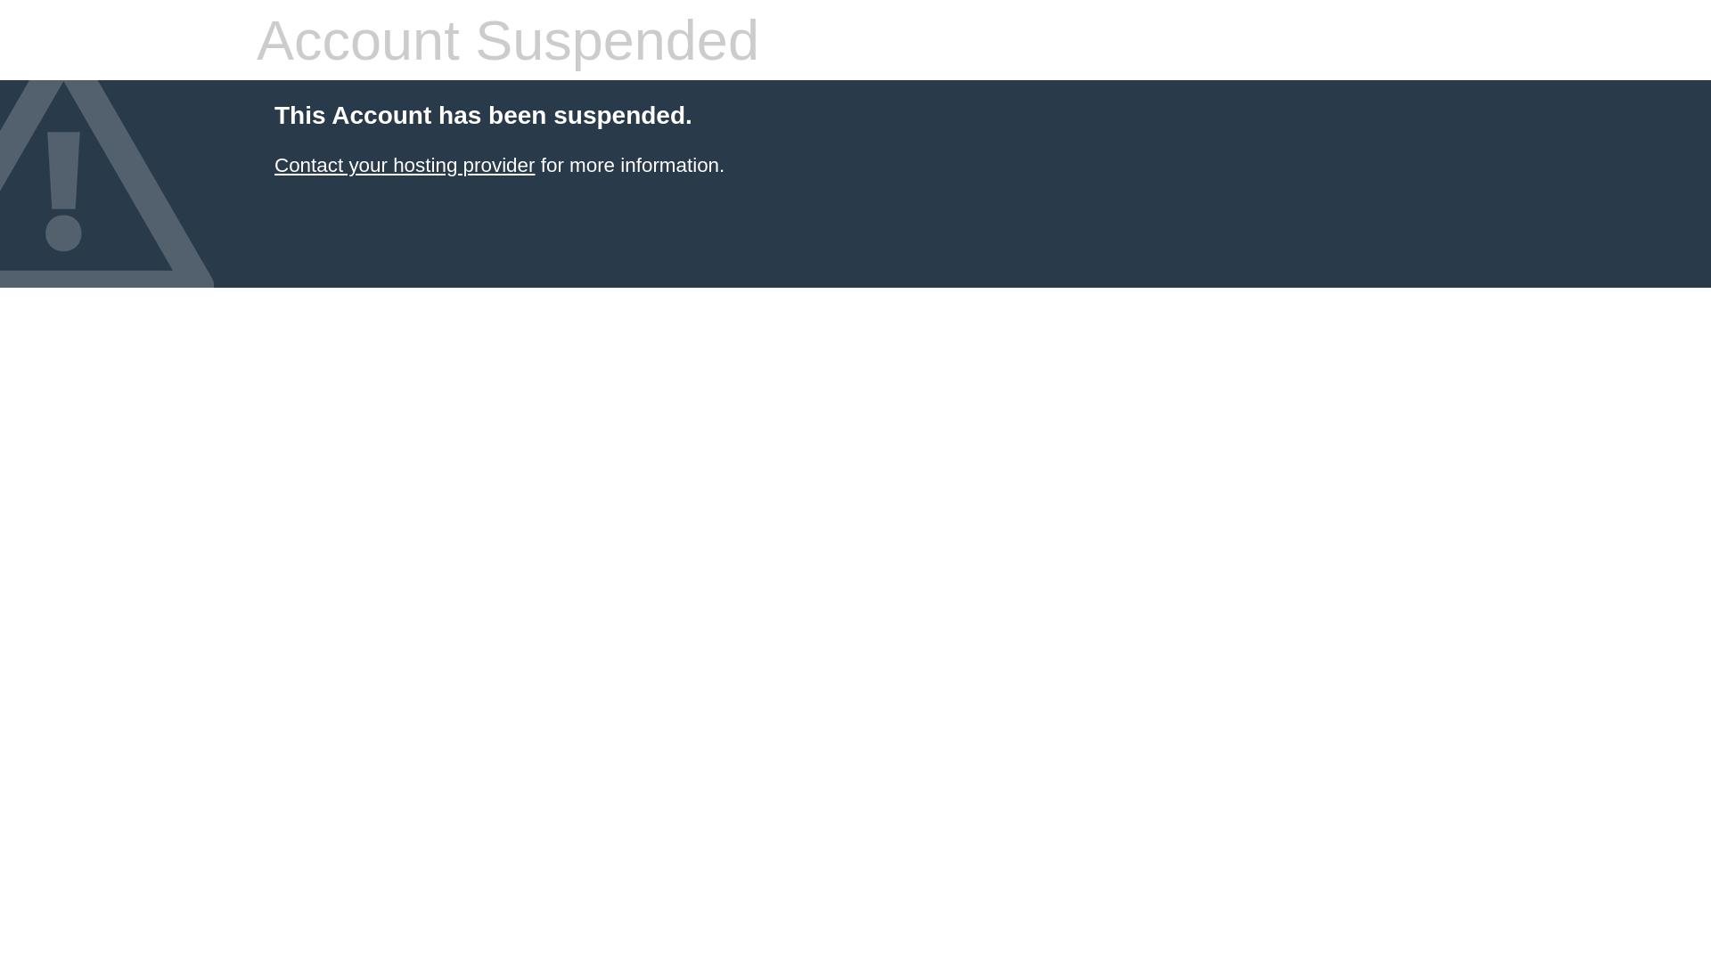 The image size is (1711, 962). Describe the element at coordinates (404, 165) in the screenshot. I see `'Contact your hosting provider'` at that location.